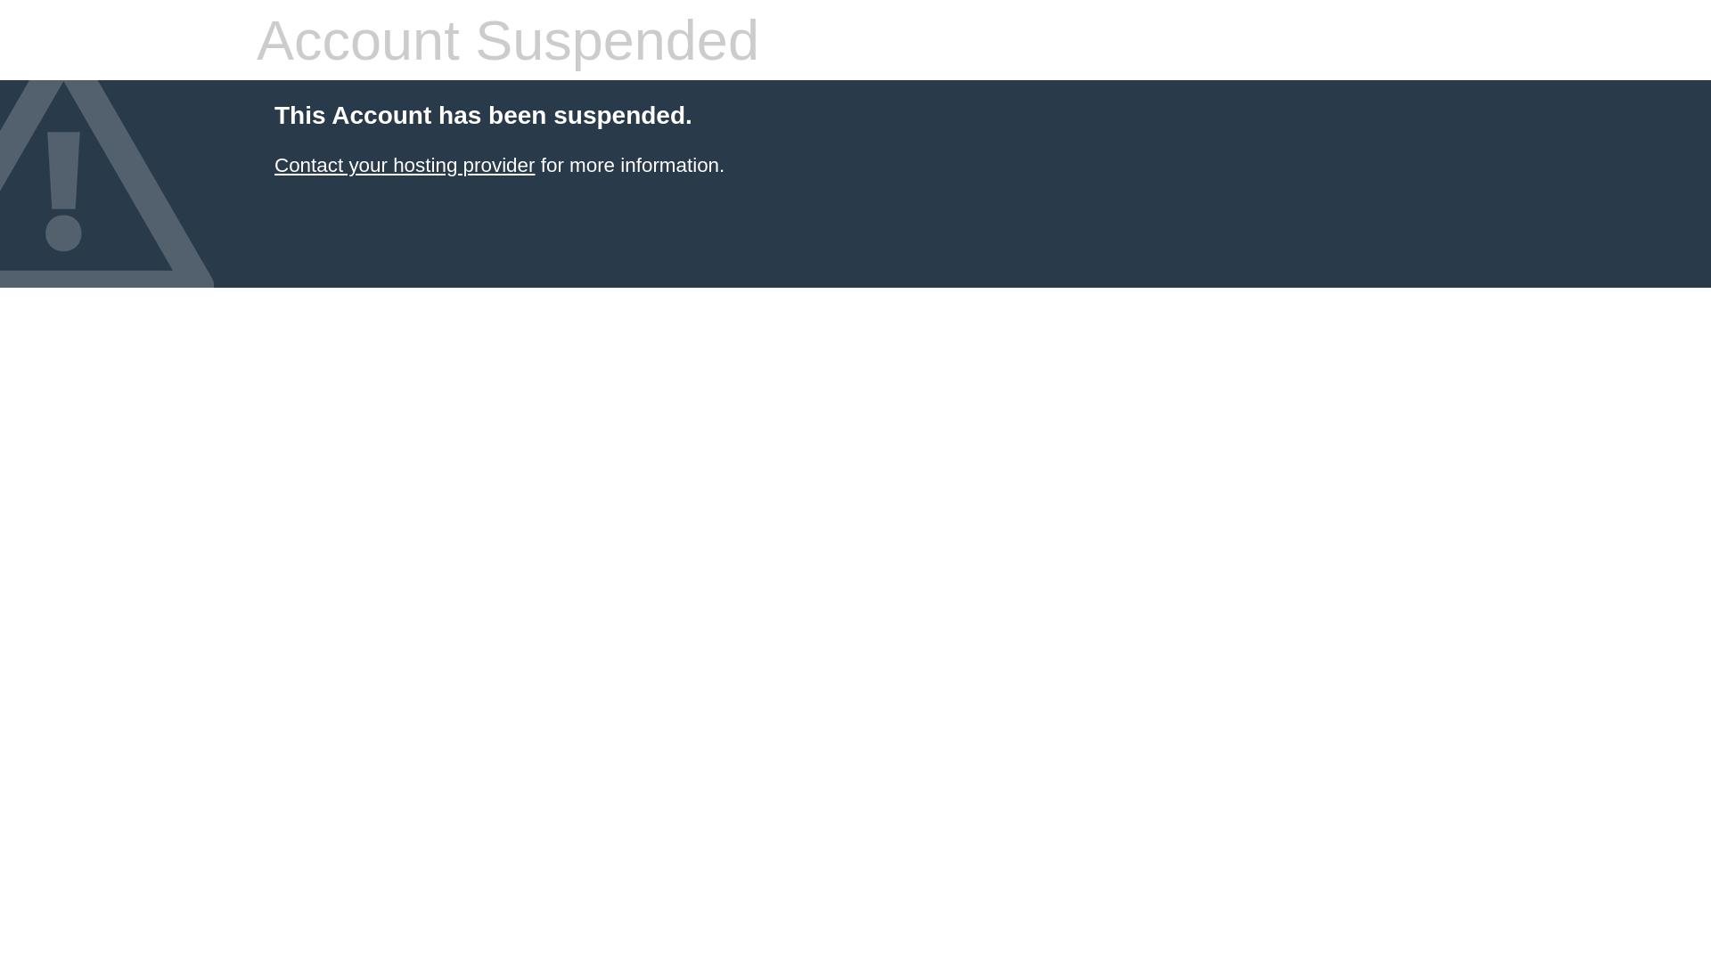 The image size is (1711, 962). Describe the element at coordinates (404, 165) in the screenshot. I see `'Contact your hosting provider'` at that location.